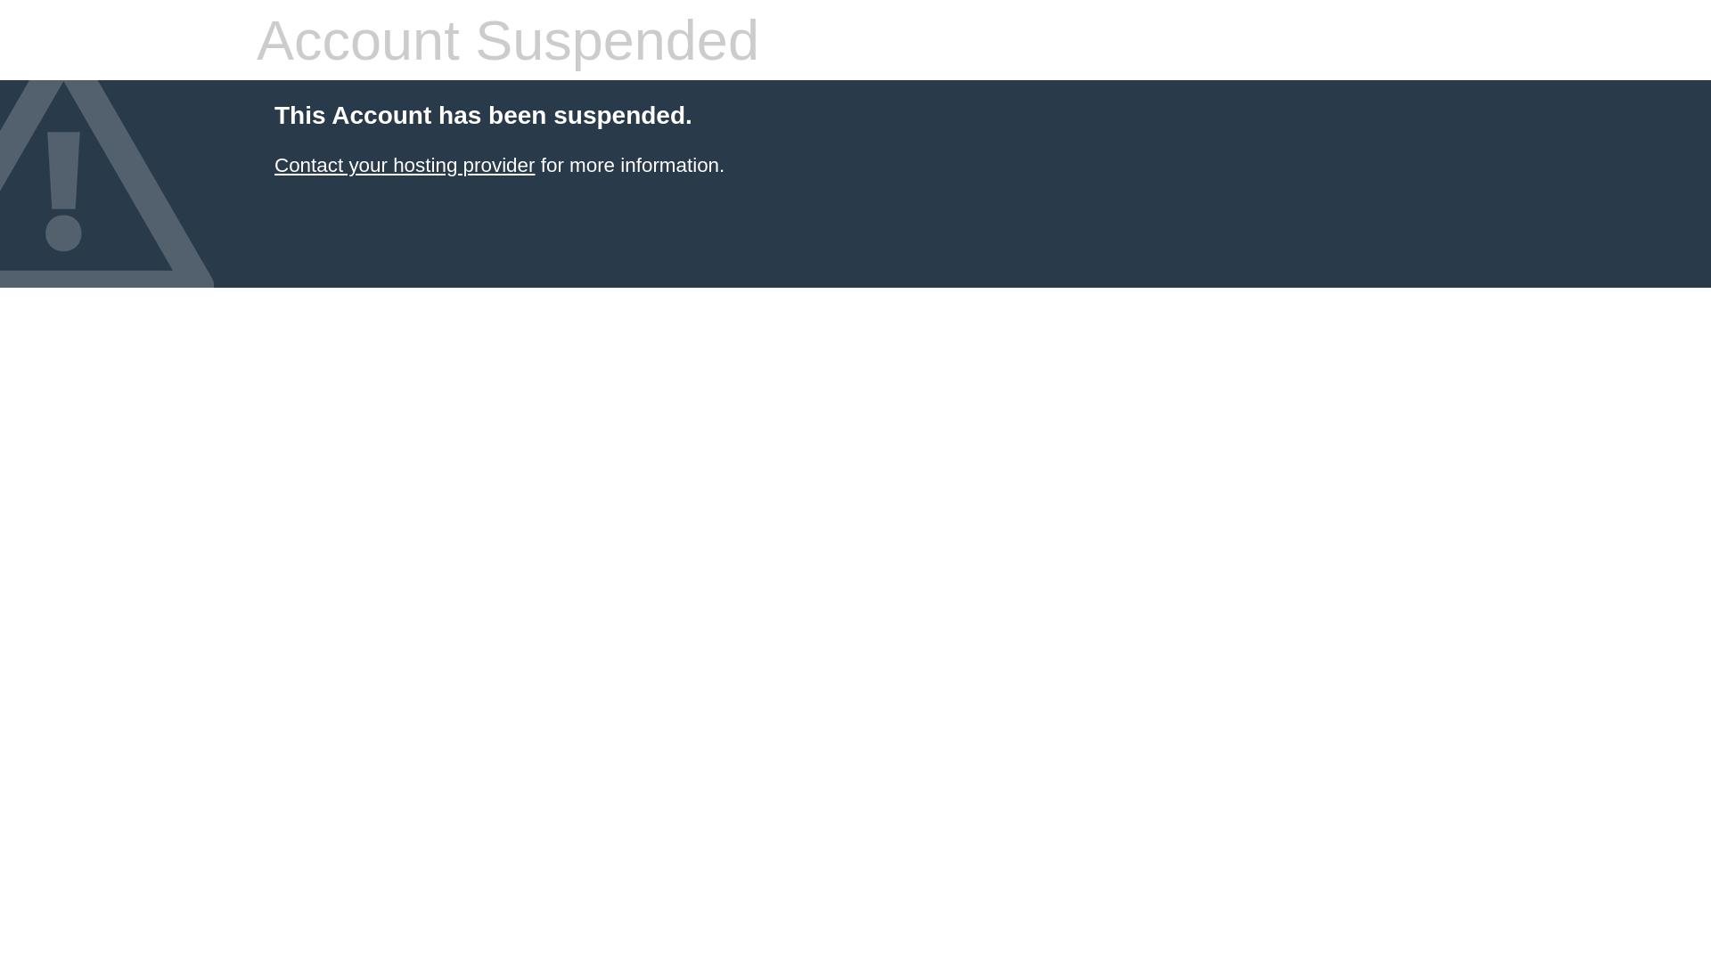 The image size is (1711, 962). Describe the element at coordinates (404, 165) in the screenshot. I see `'Contact your hosting provider'` at that location.